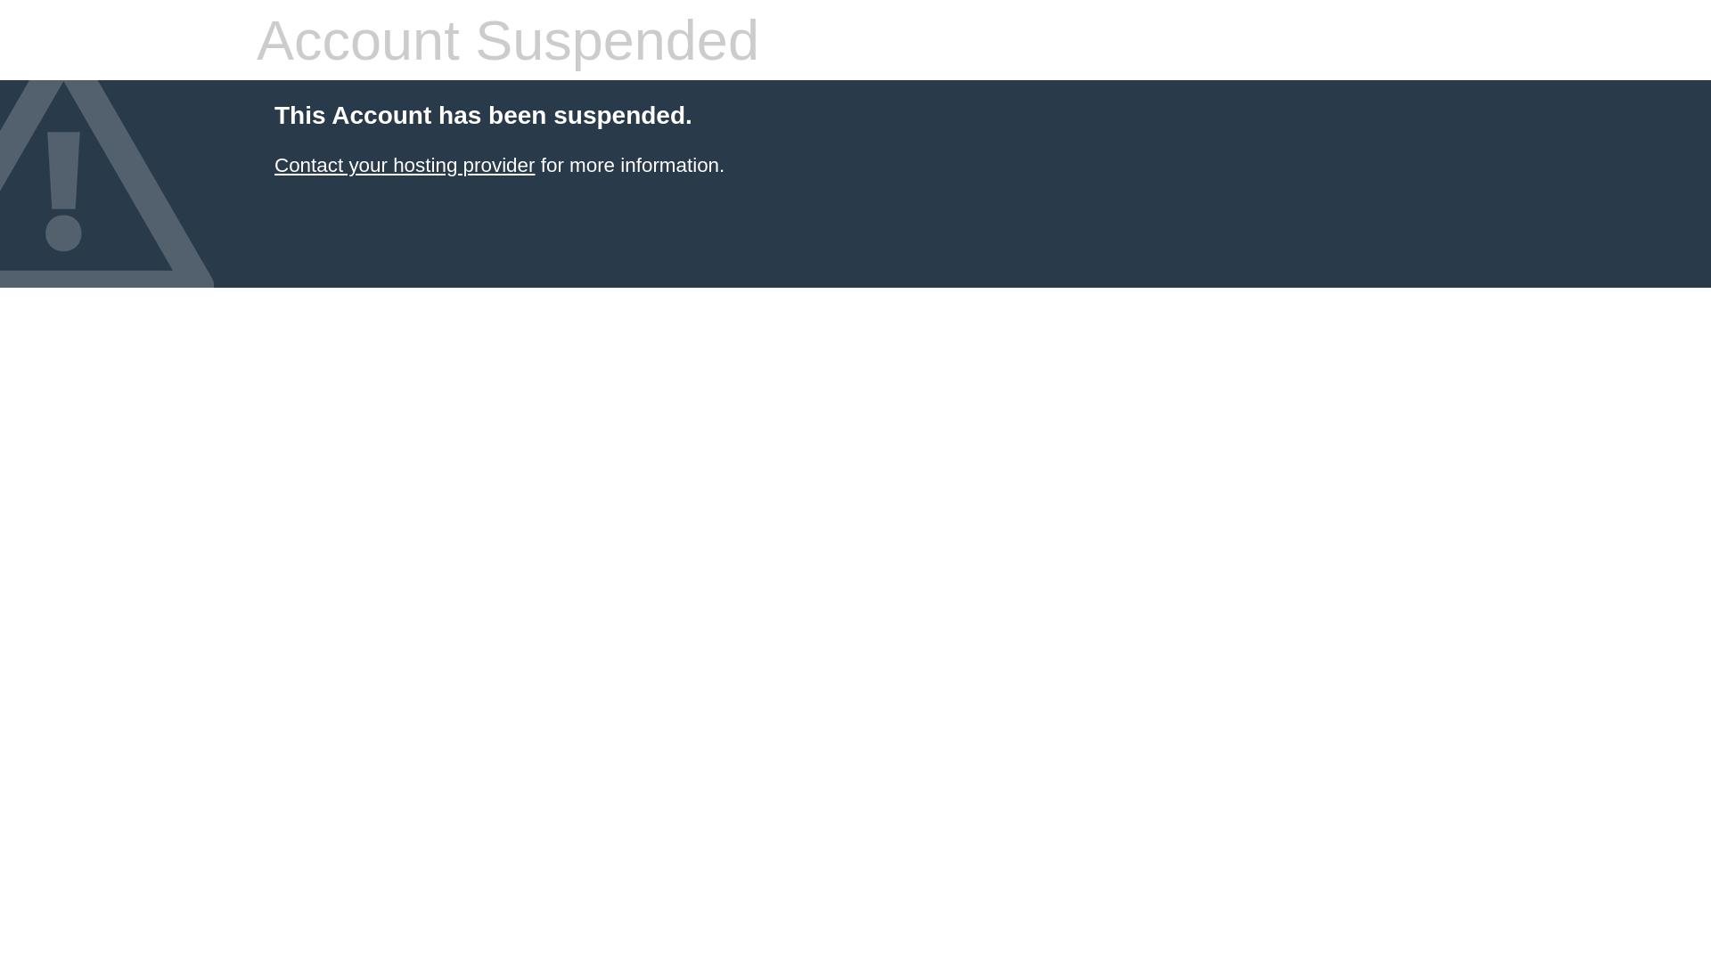 The image size is (1711, 962). Describe the element at coordinates (404, 165) in the screenshot. I see `'Contact your hosting provider'` at that location.